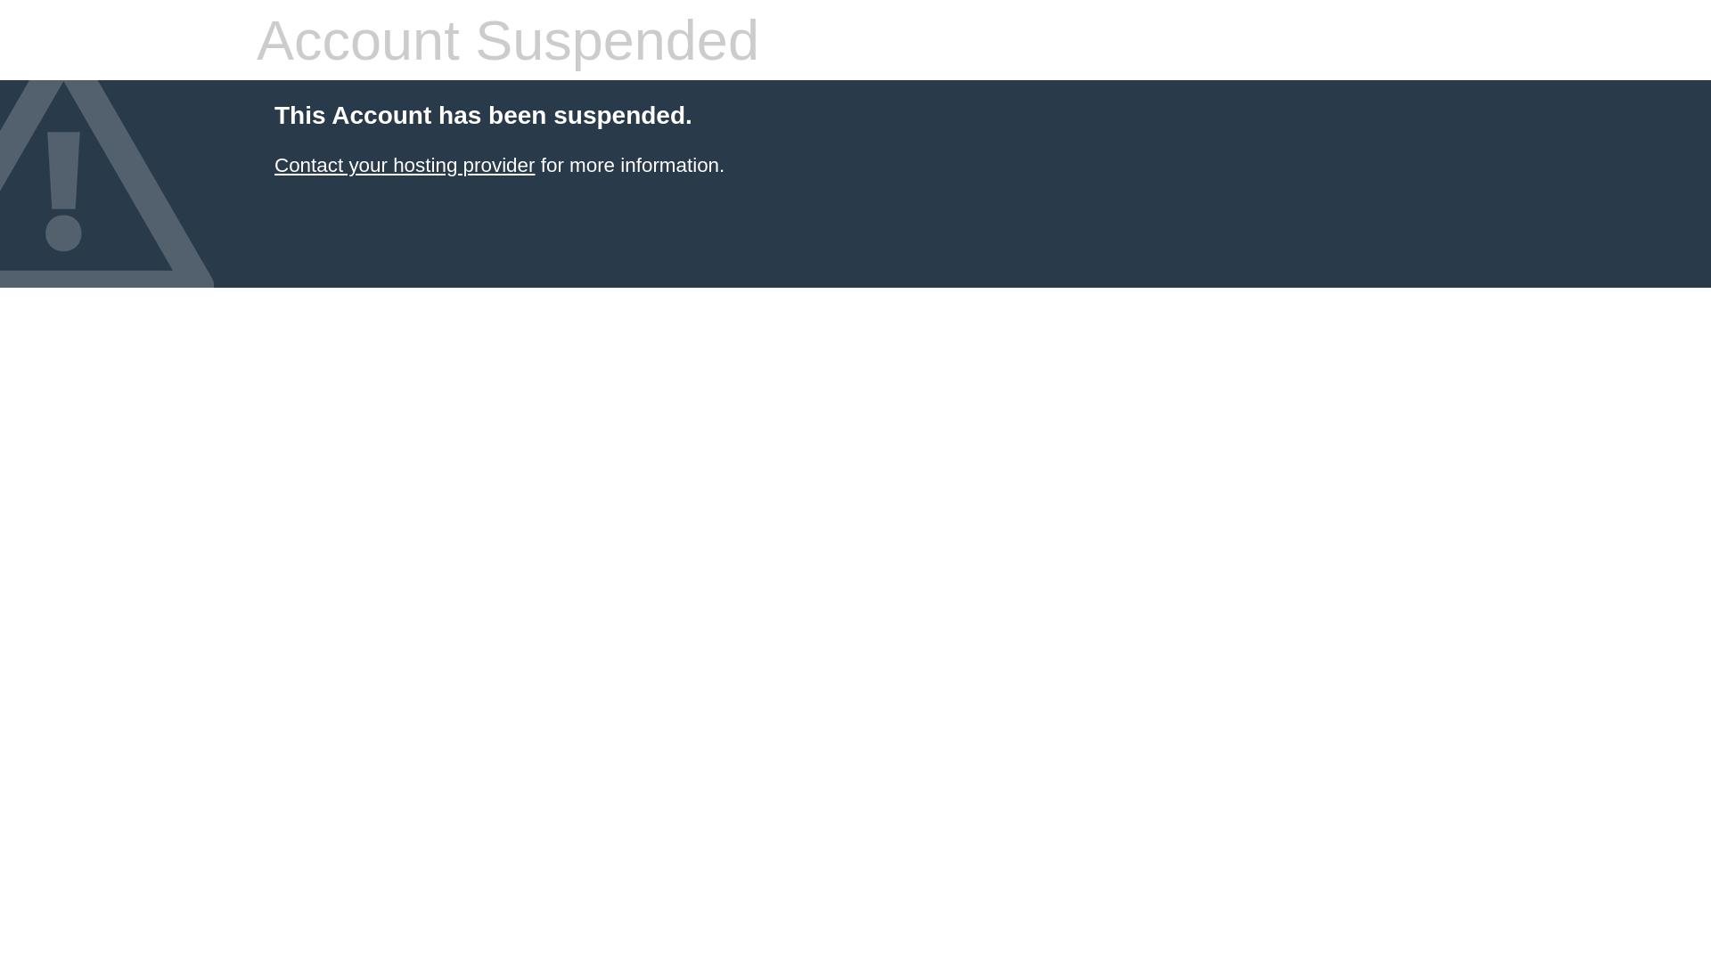 The image size is (1711, 962). Describe the element at coordinates (404, 165) in the screenshot. I see `'Contact your hosting provider'` at that location.